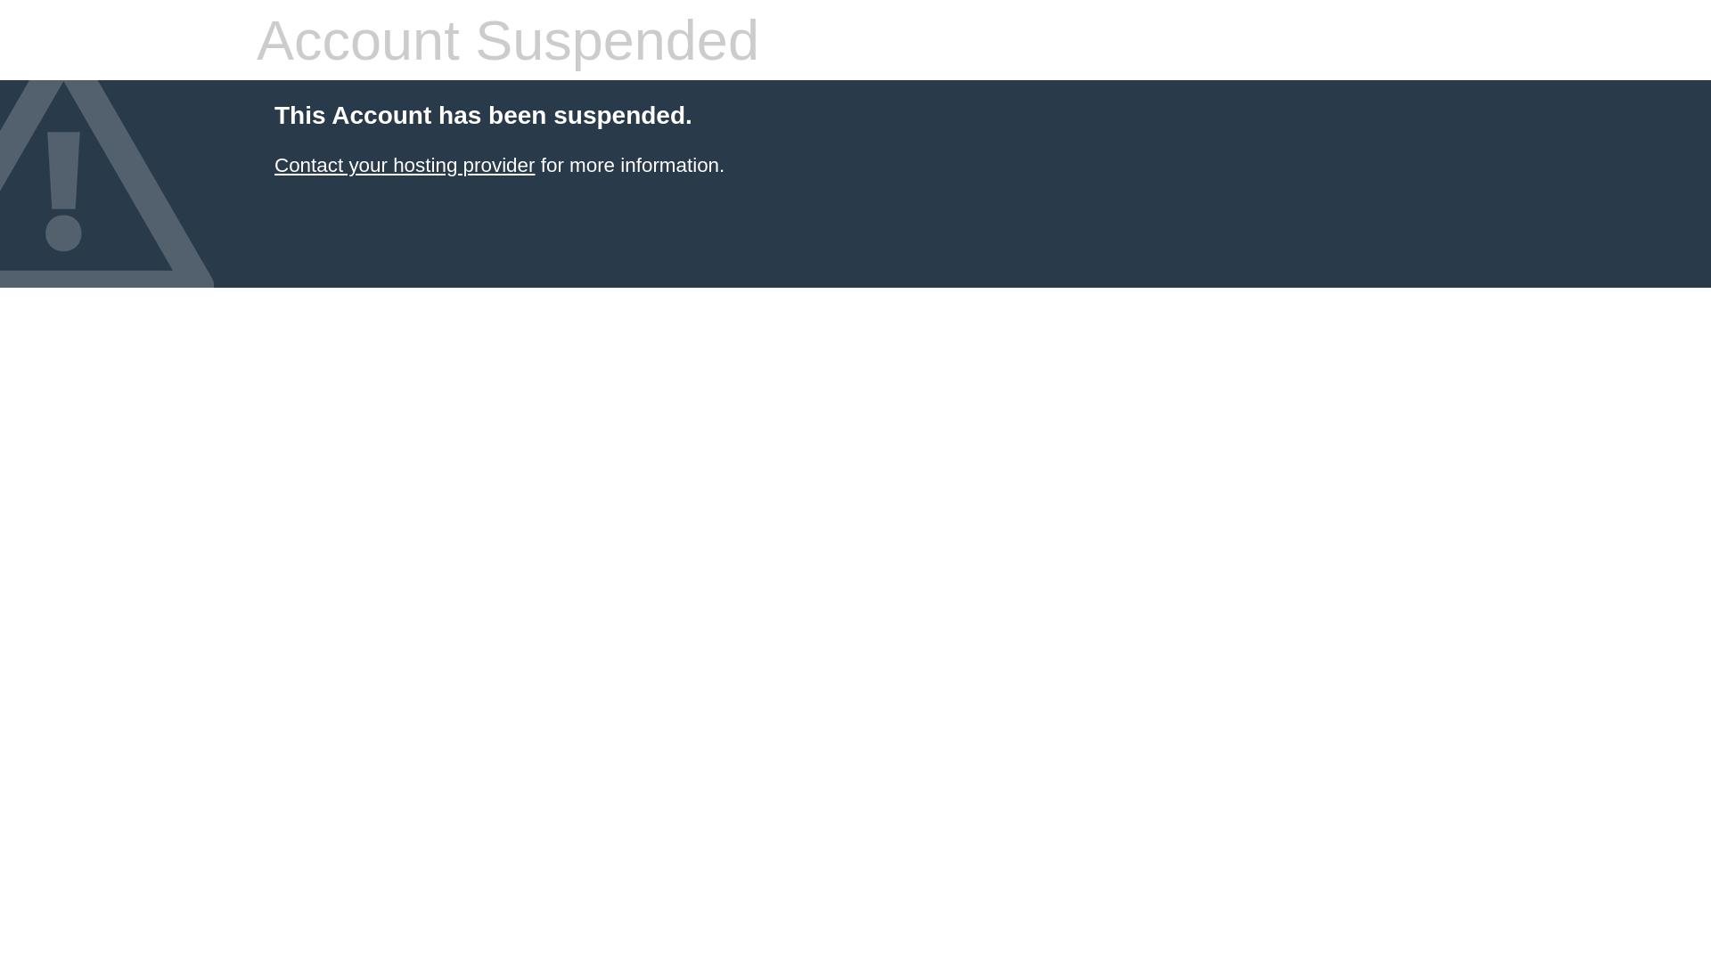 The image size is (1711, 962). Describe the element at coordinates (404, 165) in the screenshot. I see `'Contact your hosting provider'` at that location.